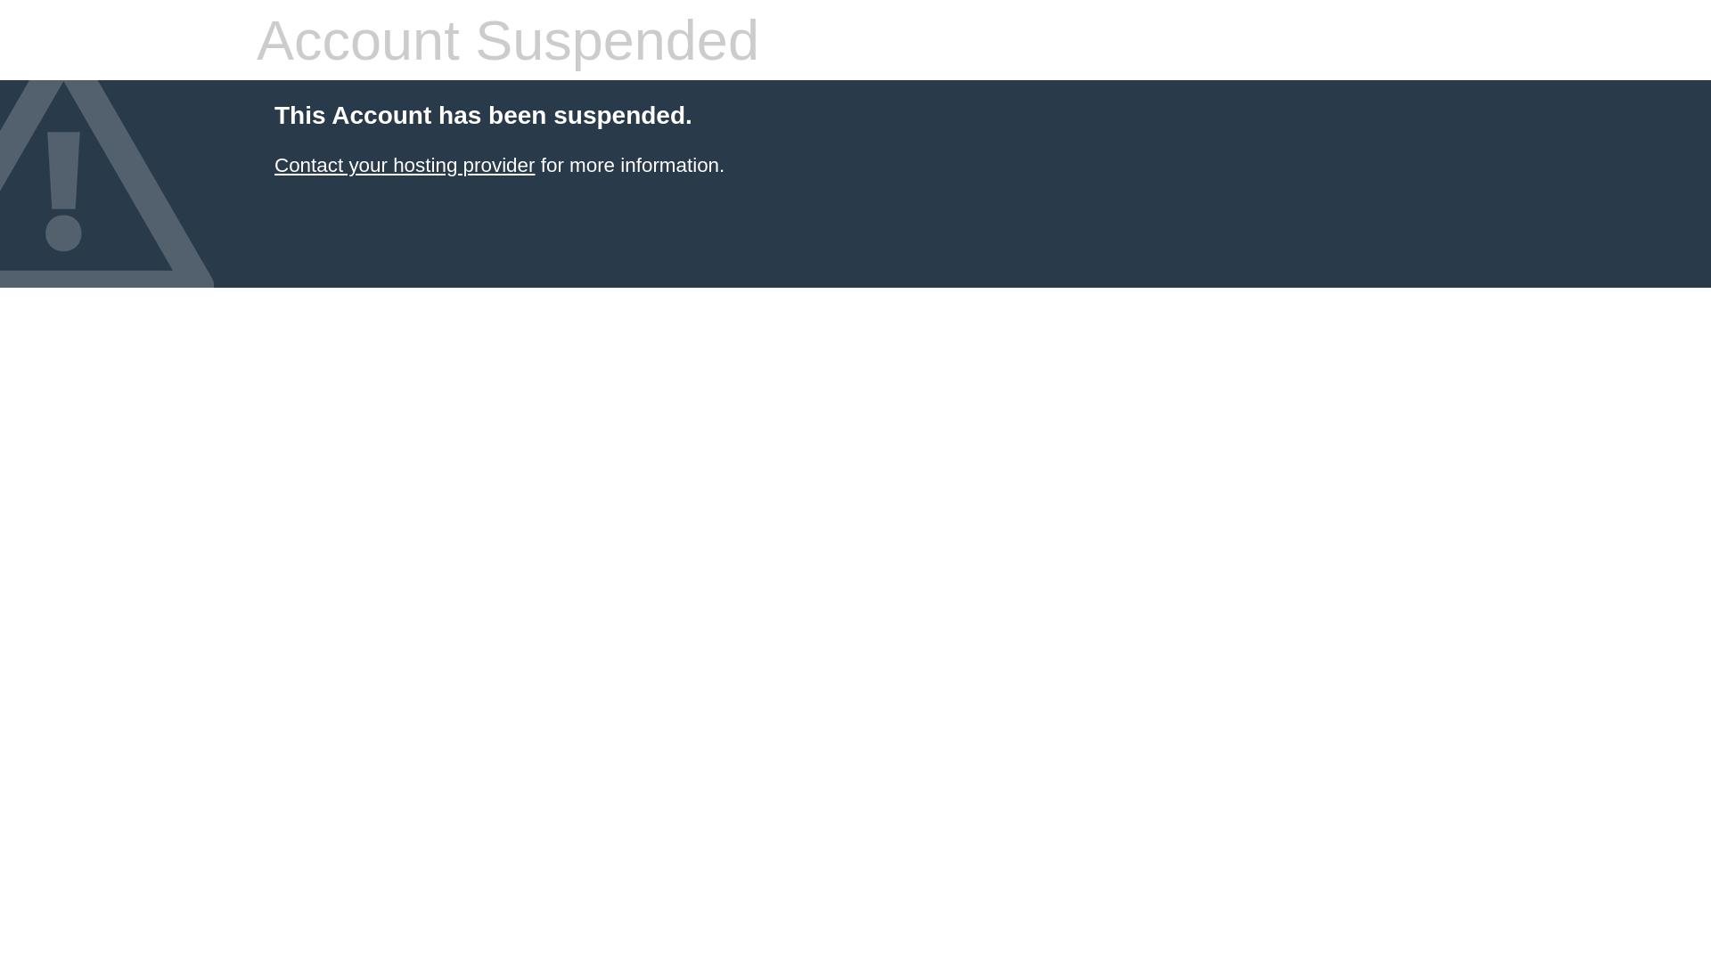 The image size is (1711, 962). Describe the element at coordinates (404, 165) in the screenshot. I see `'Contact your hosting provider'` at that location.